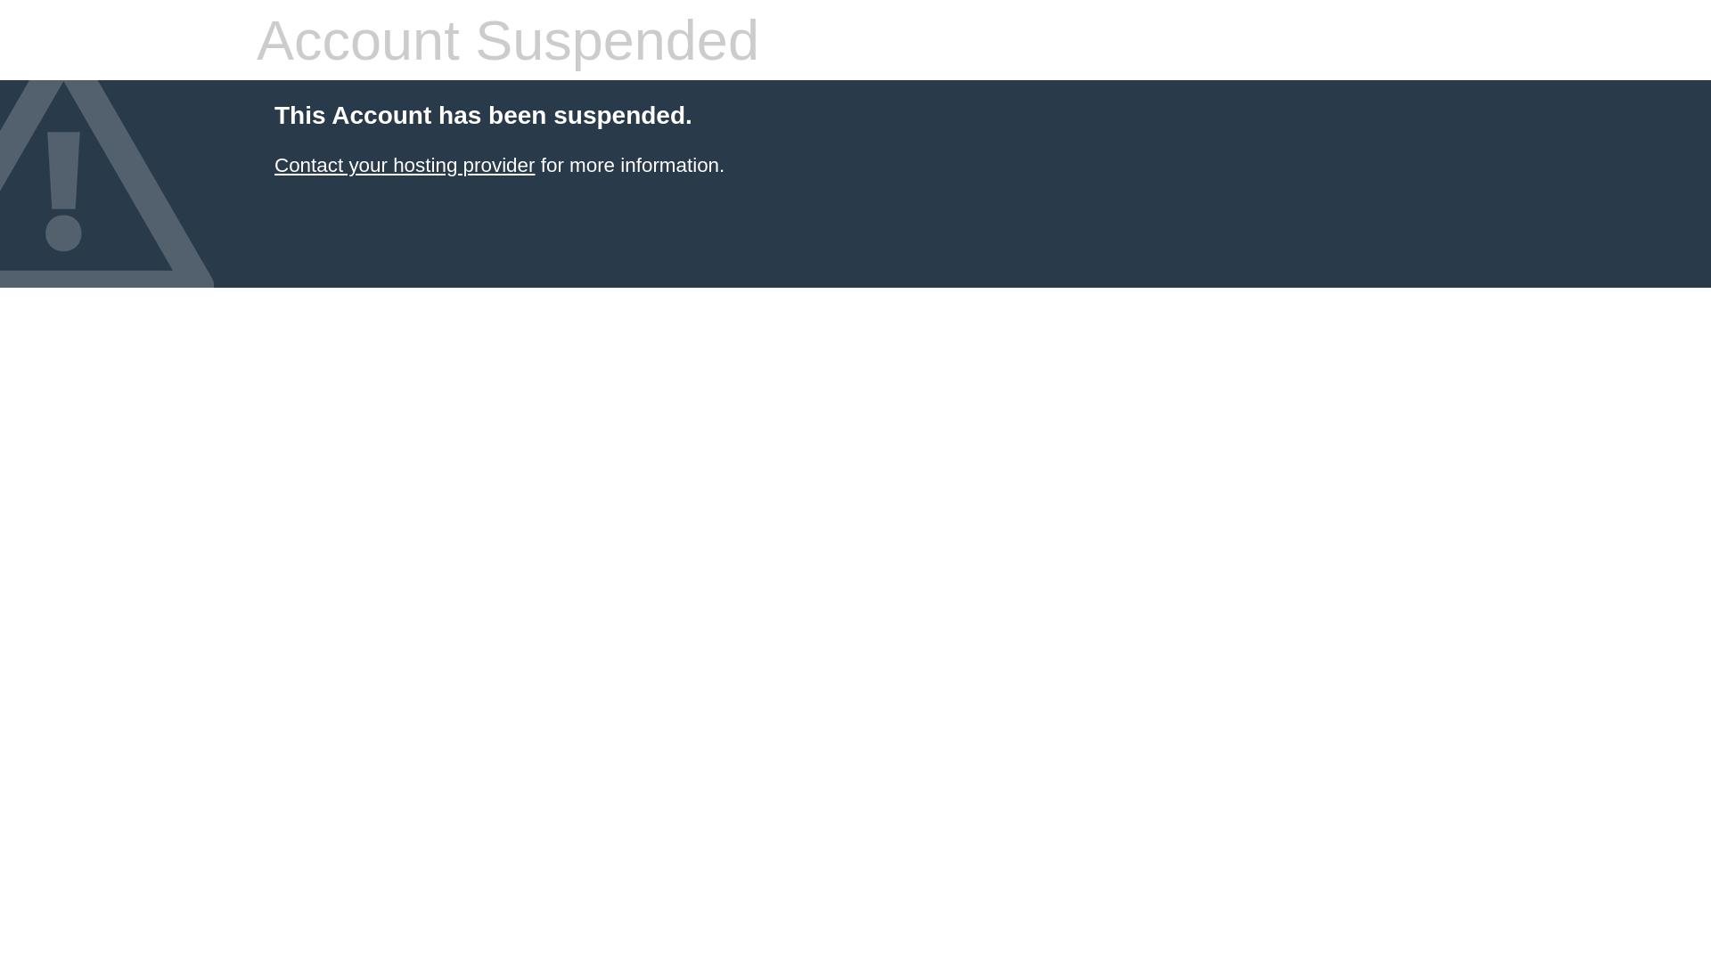 The image size is (1711, 962). Describe the element at coordinates (404, 165) in the screenshot. I see `'Contact your hosting provider'` at that location.